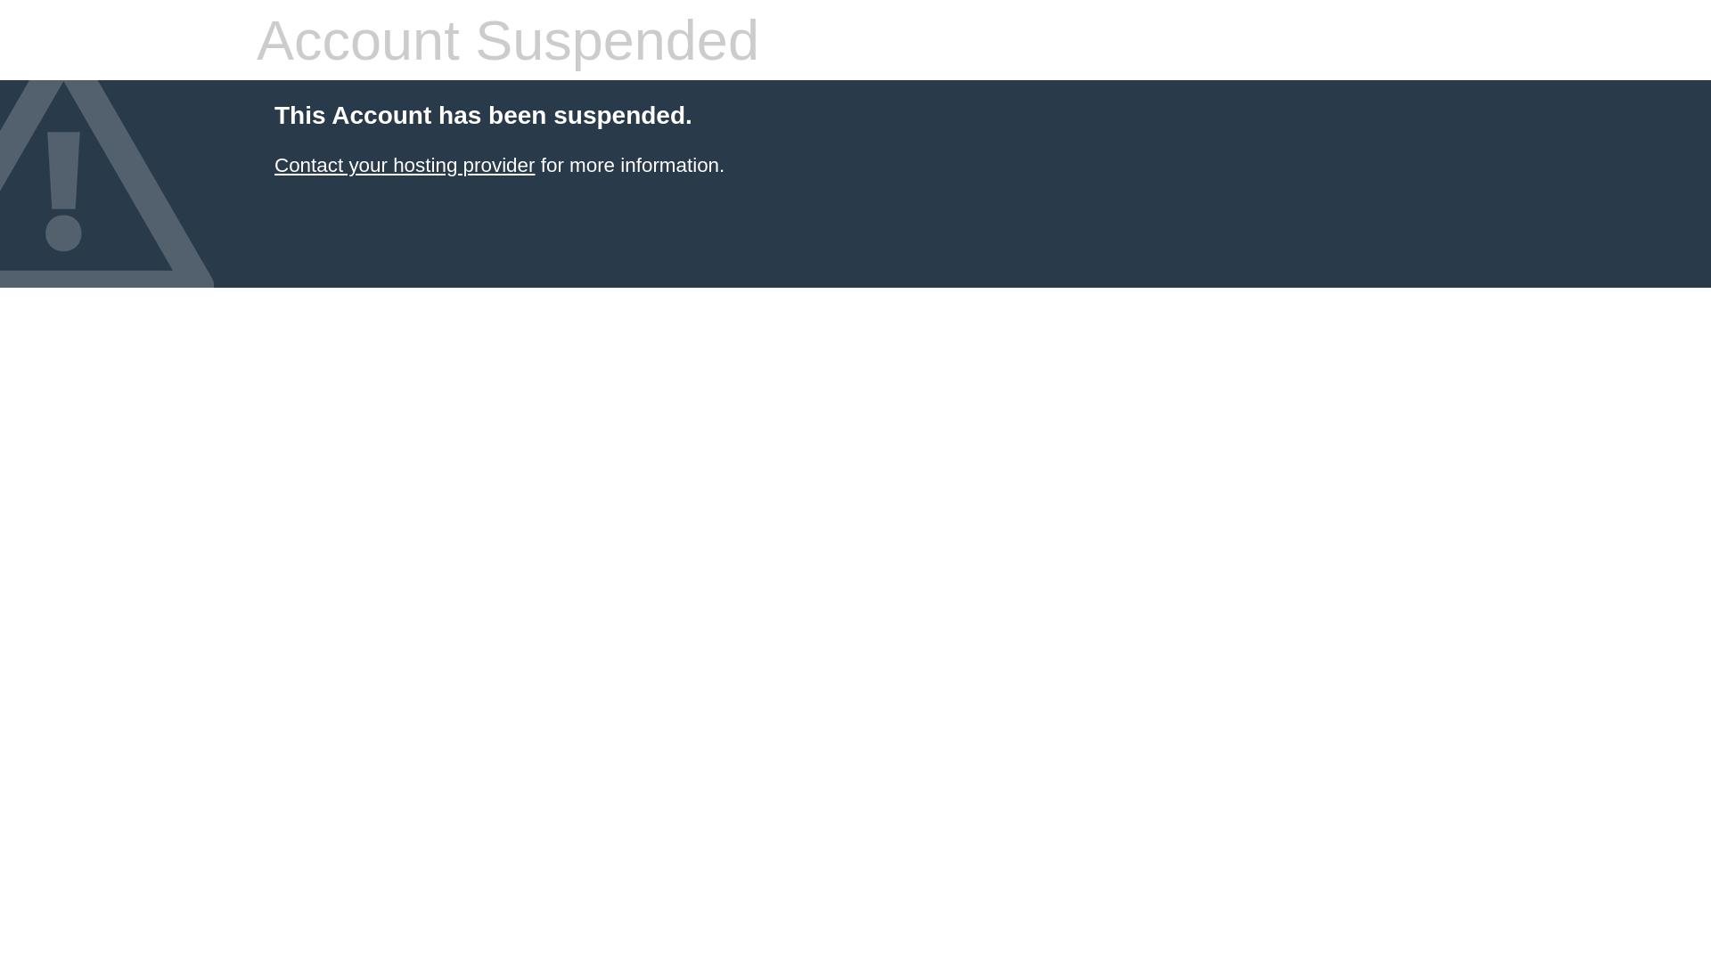 The image size is (1711, 962). Describe the element at coordinates (404, 165) in the screenshot. I see `'Contact your hosting provider'` at that location.